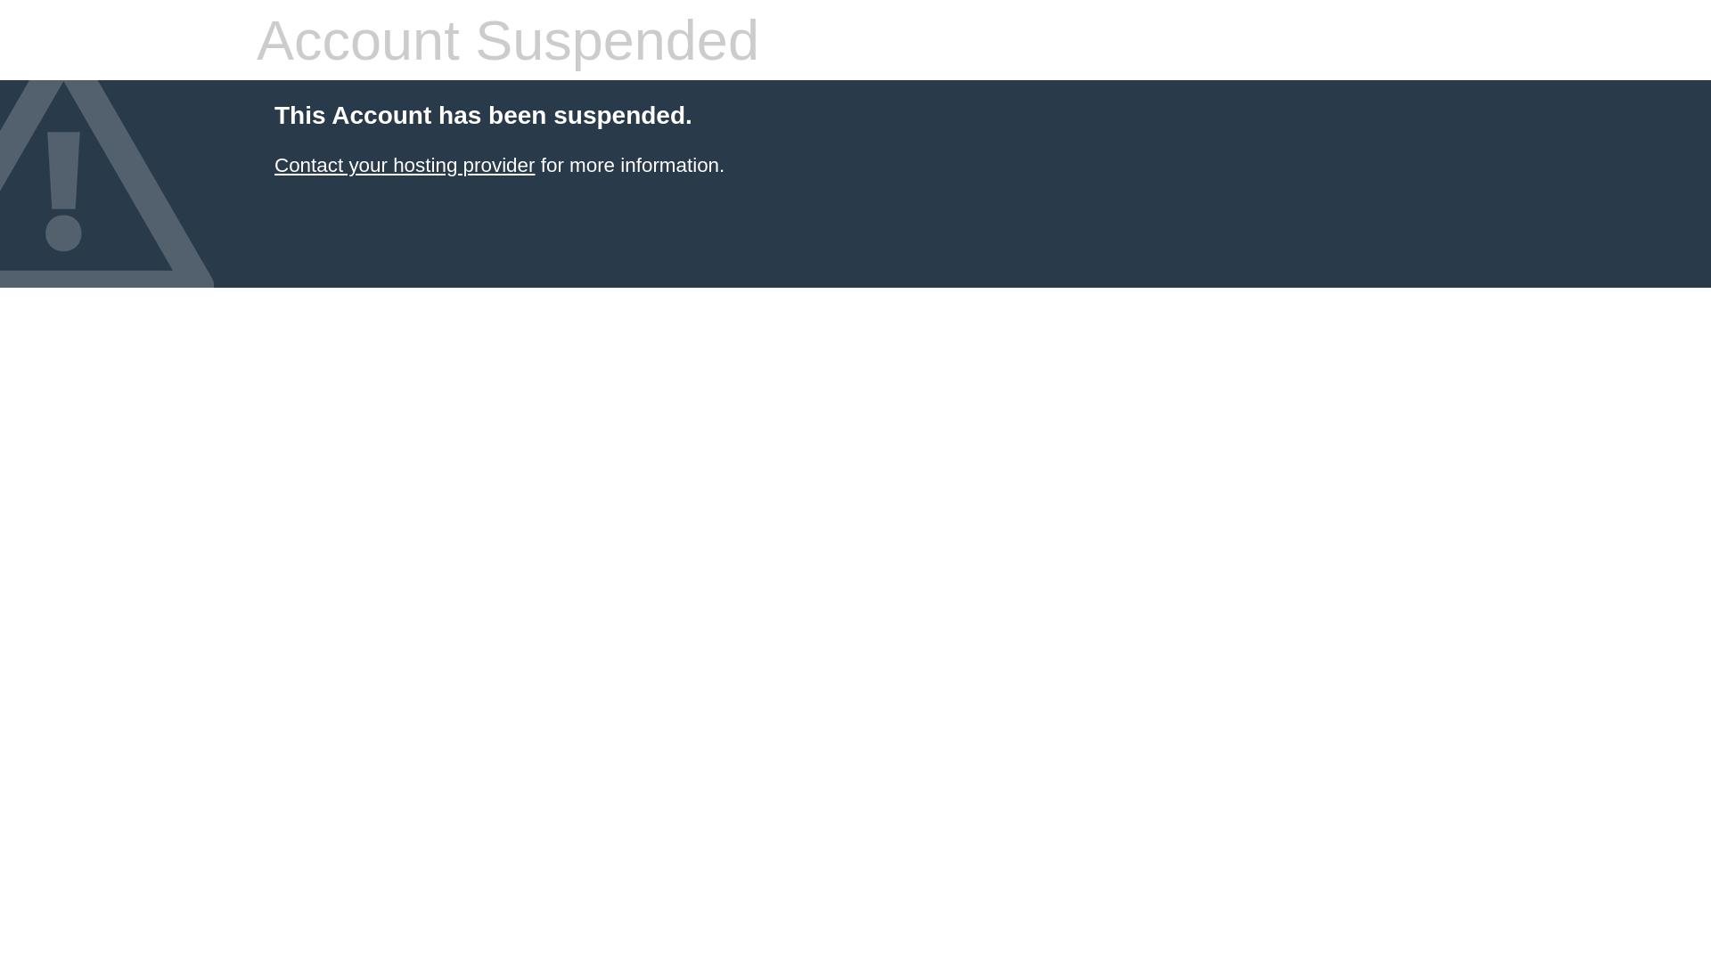 The image size is (1711, 962). Describe the element at coordinates (404, 165) in the screenshot. I see `'Contact your hosting provider'` at that location.